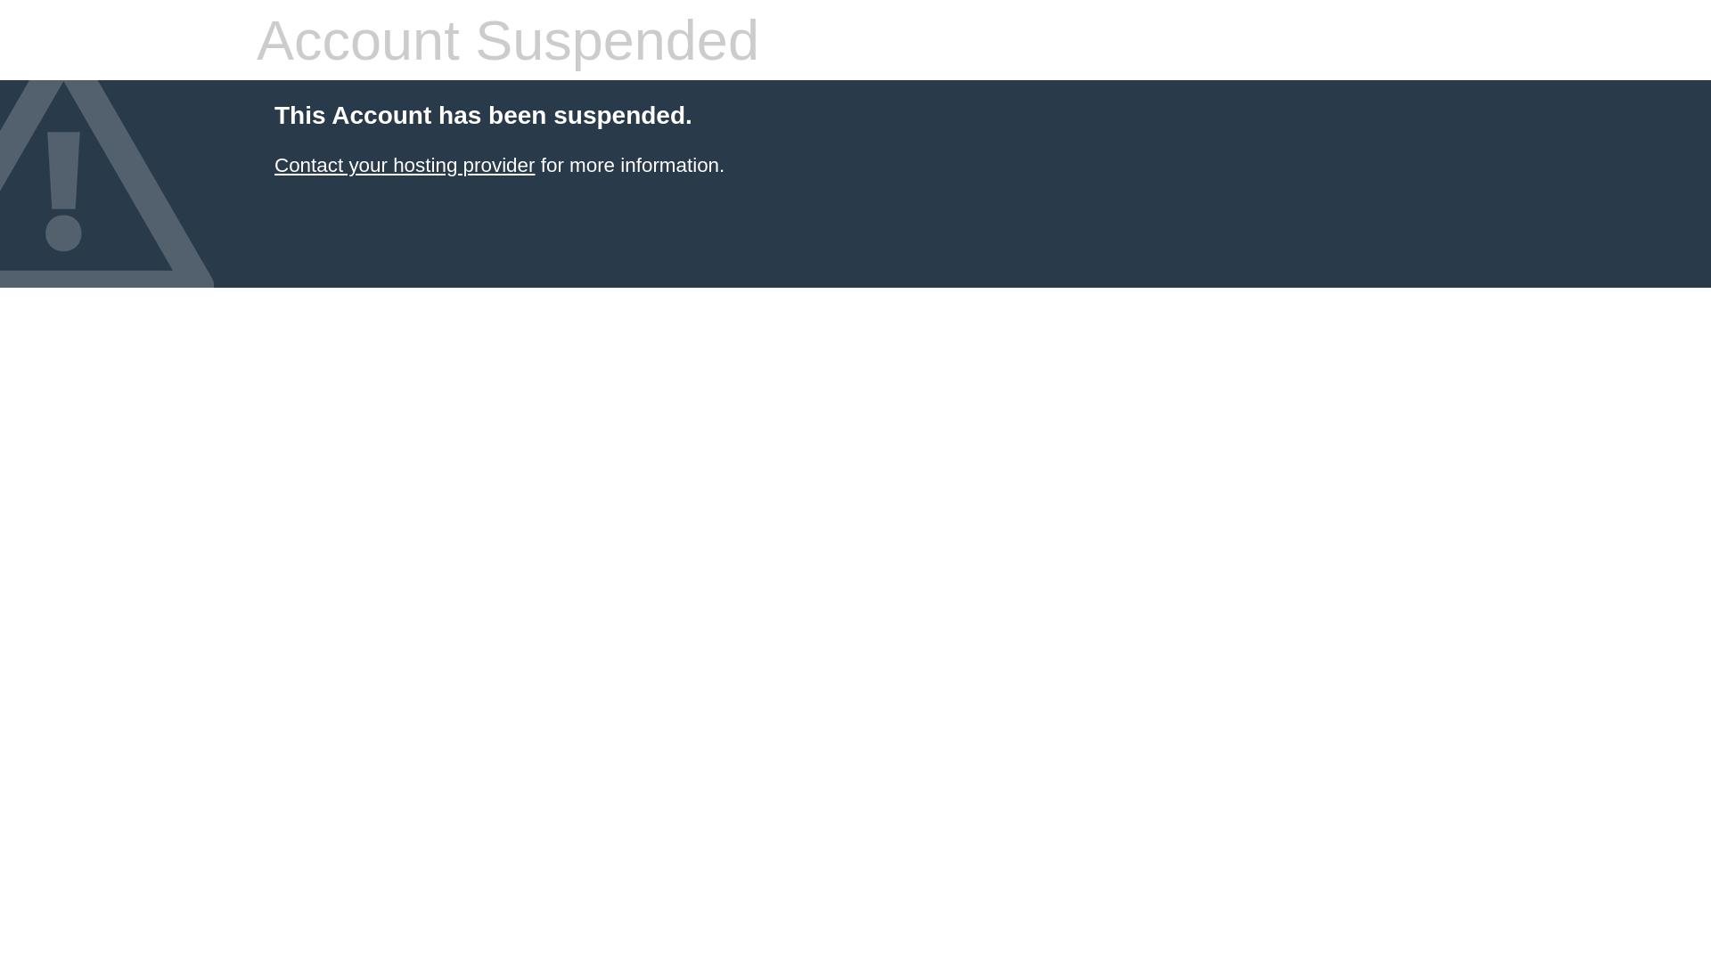 The image size is (1711, 962). Describe the element at coordinates (404, 165) in the screenshot. I see `'Contact your hosting provider'` at that location.